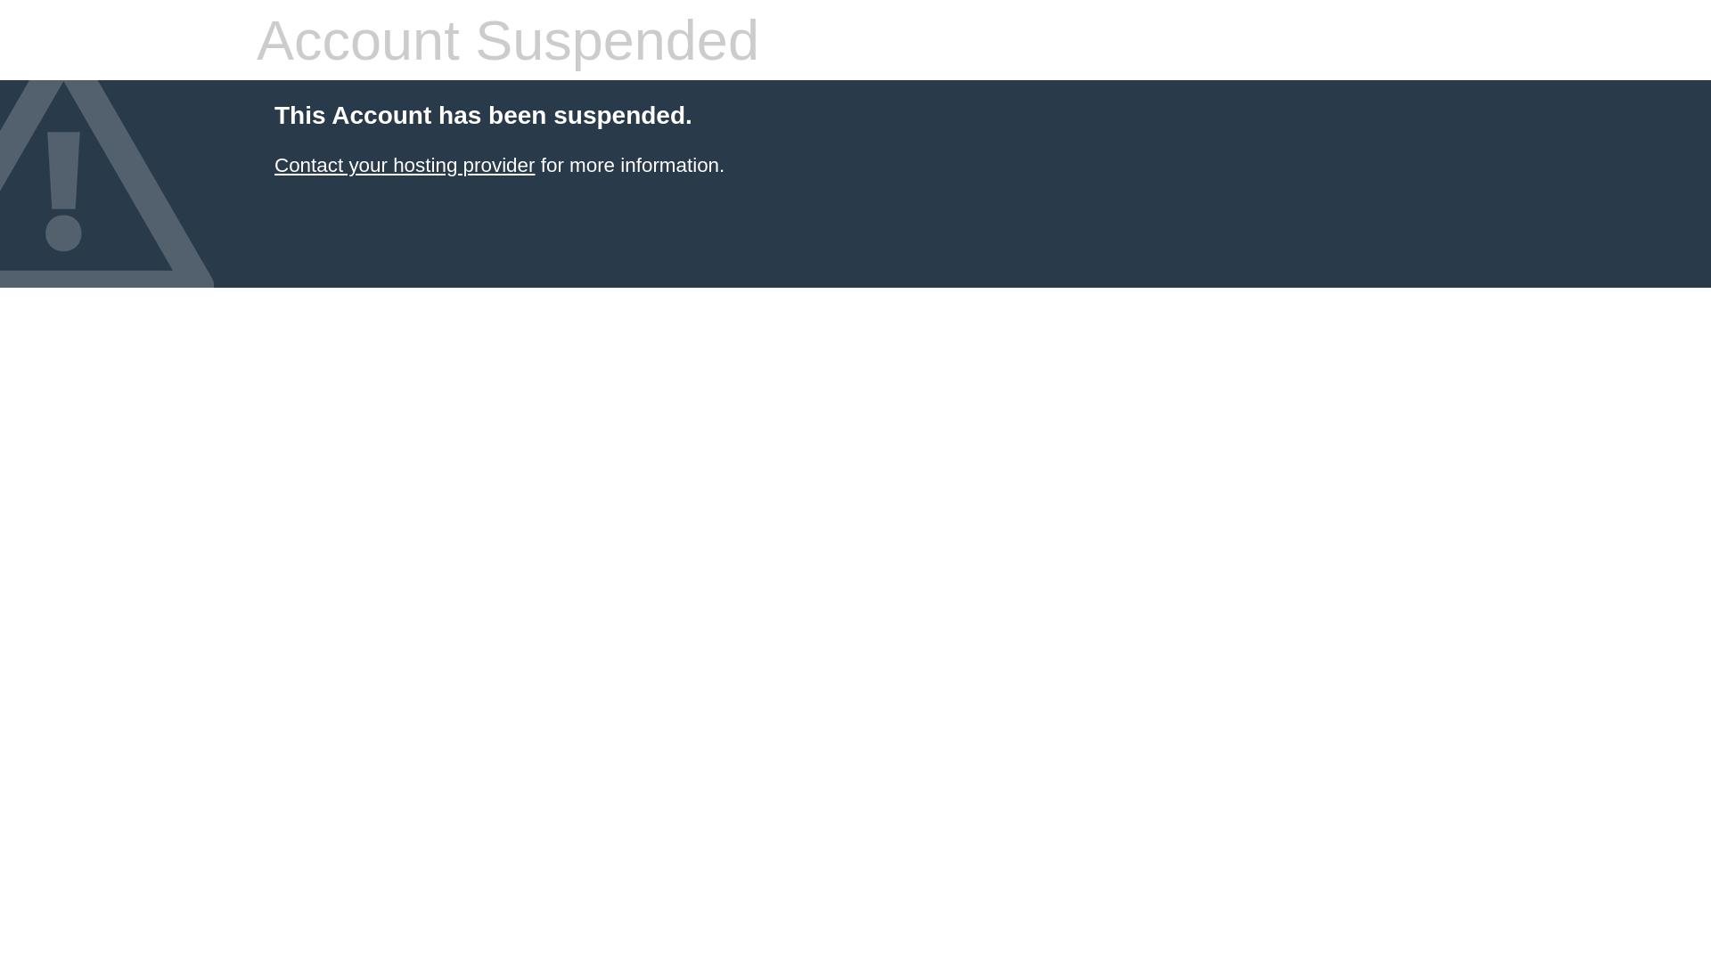 The image size is (1711, 962). Describe the element at coordinates (404, 165) in the screenshot. I see `'Contact your hosting provider'` at that location.